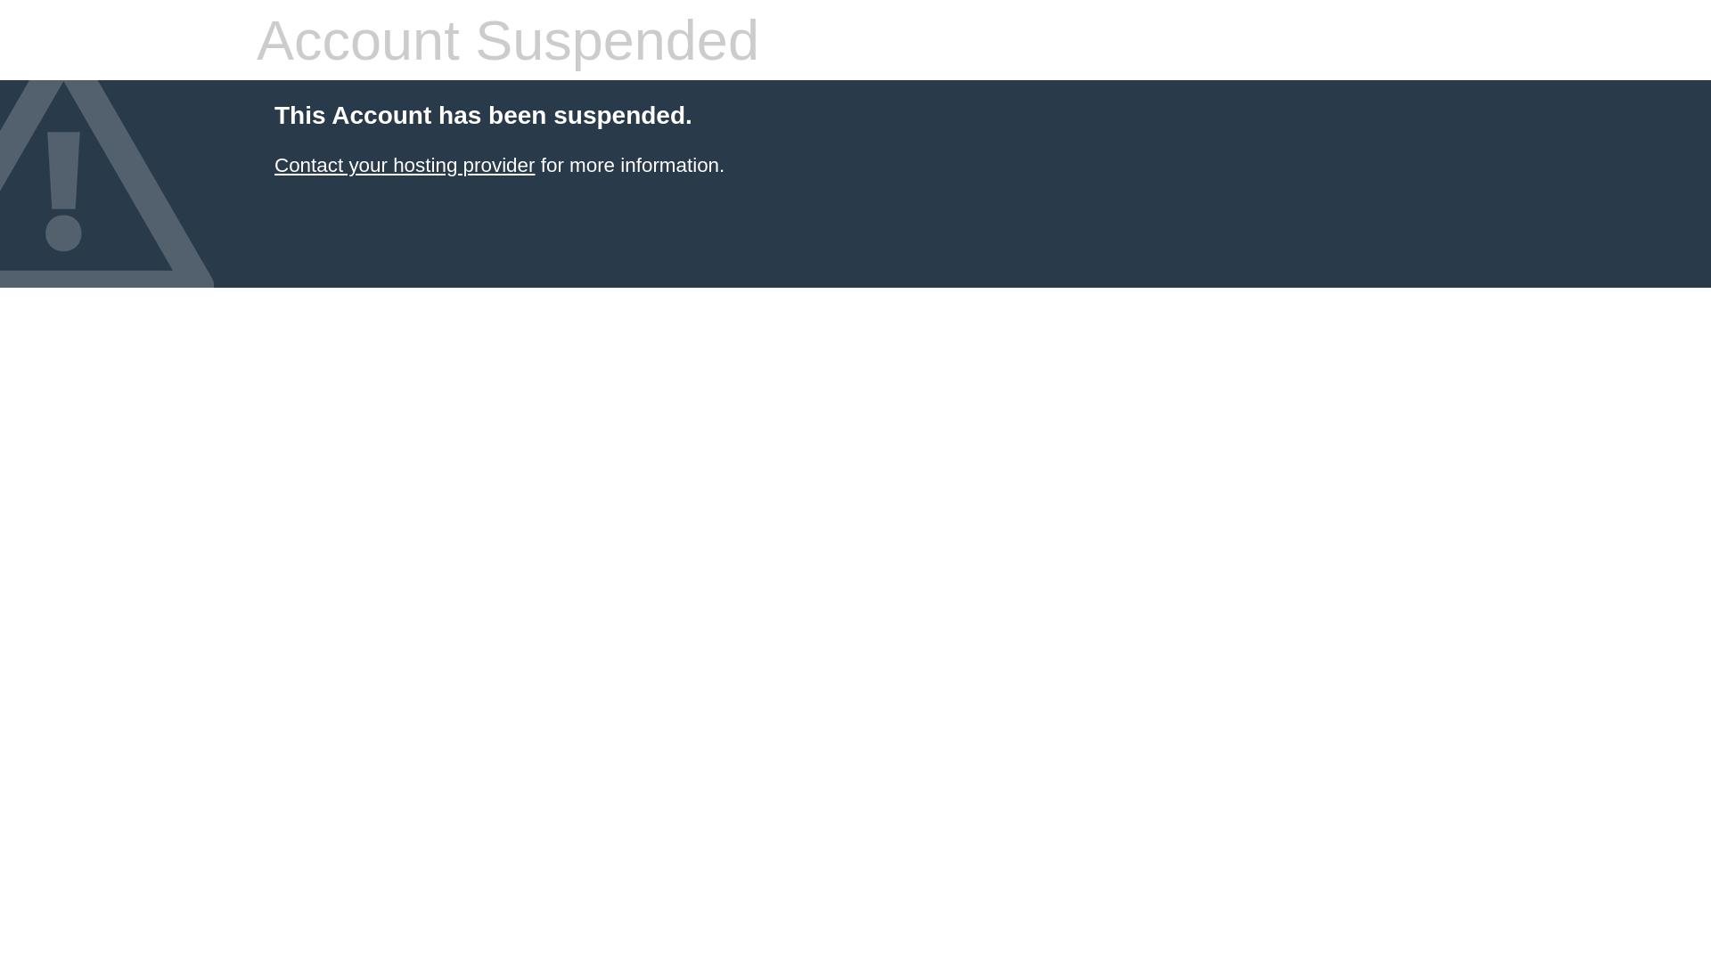 The image size is (1711, 962). Describe the element at coordinates (404, 165) in the screenshot. I see `'Contact your hosting provider'` at that location.